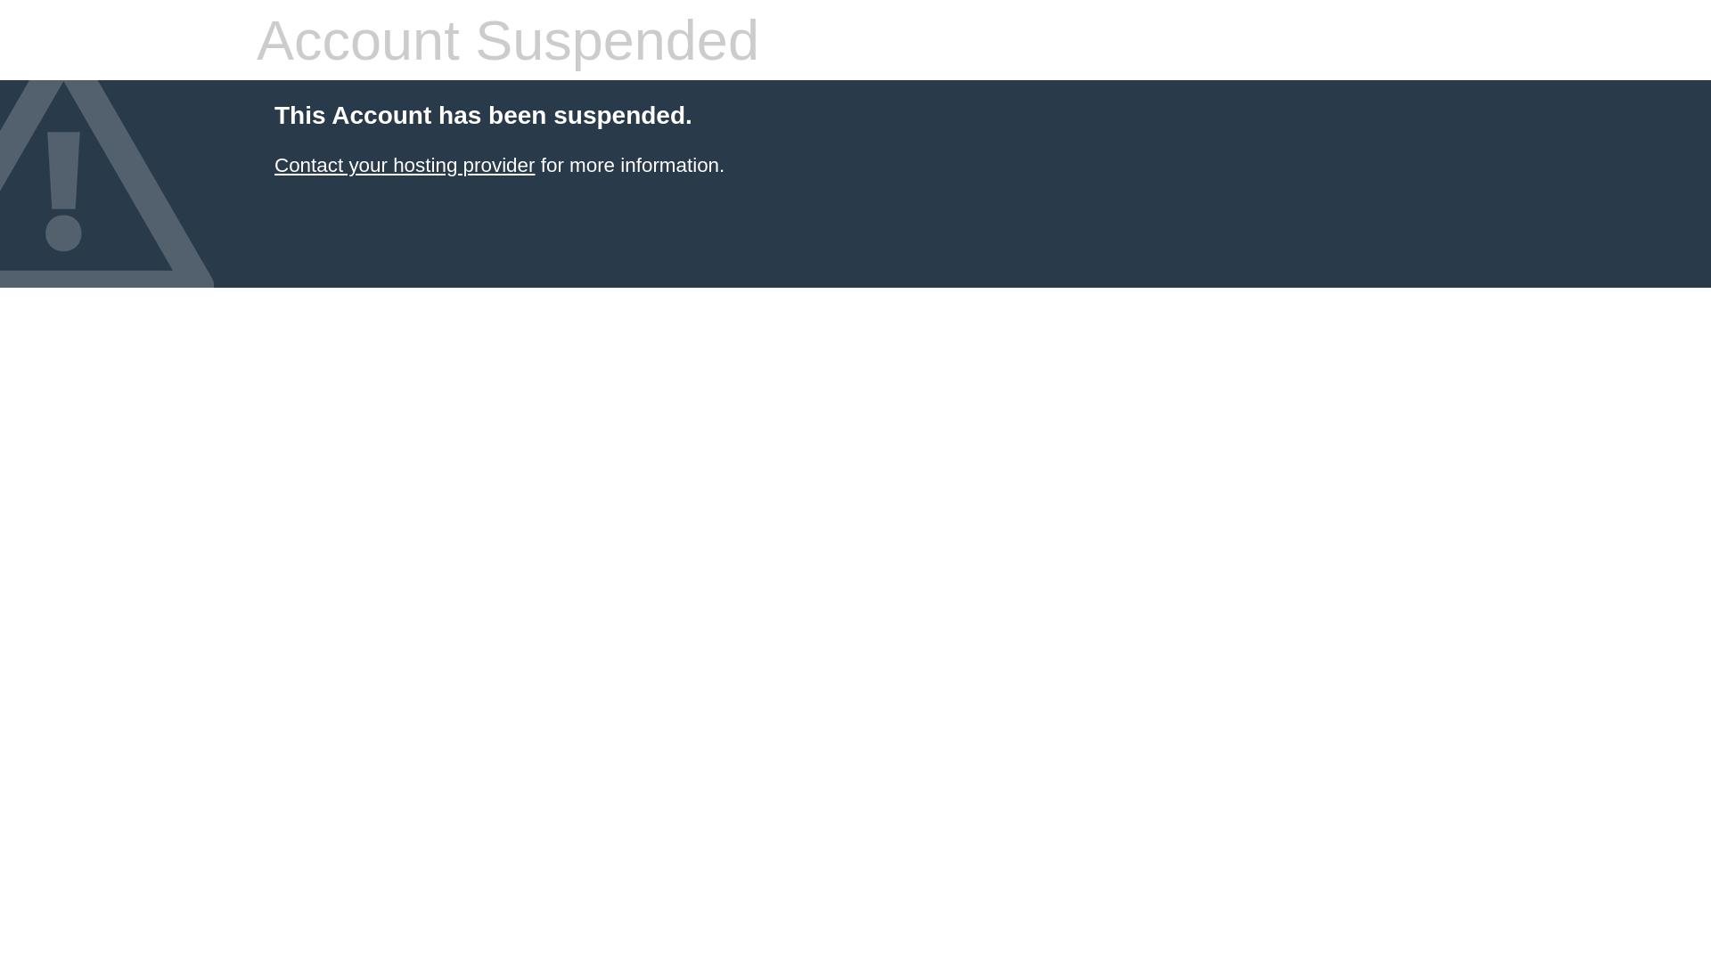 The image size is (1711, 962). Describe the element at coordinates (404, 165) in the screenshot. I see `'Contact your hosting provider'` at that location.